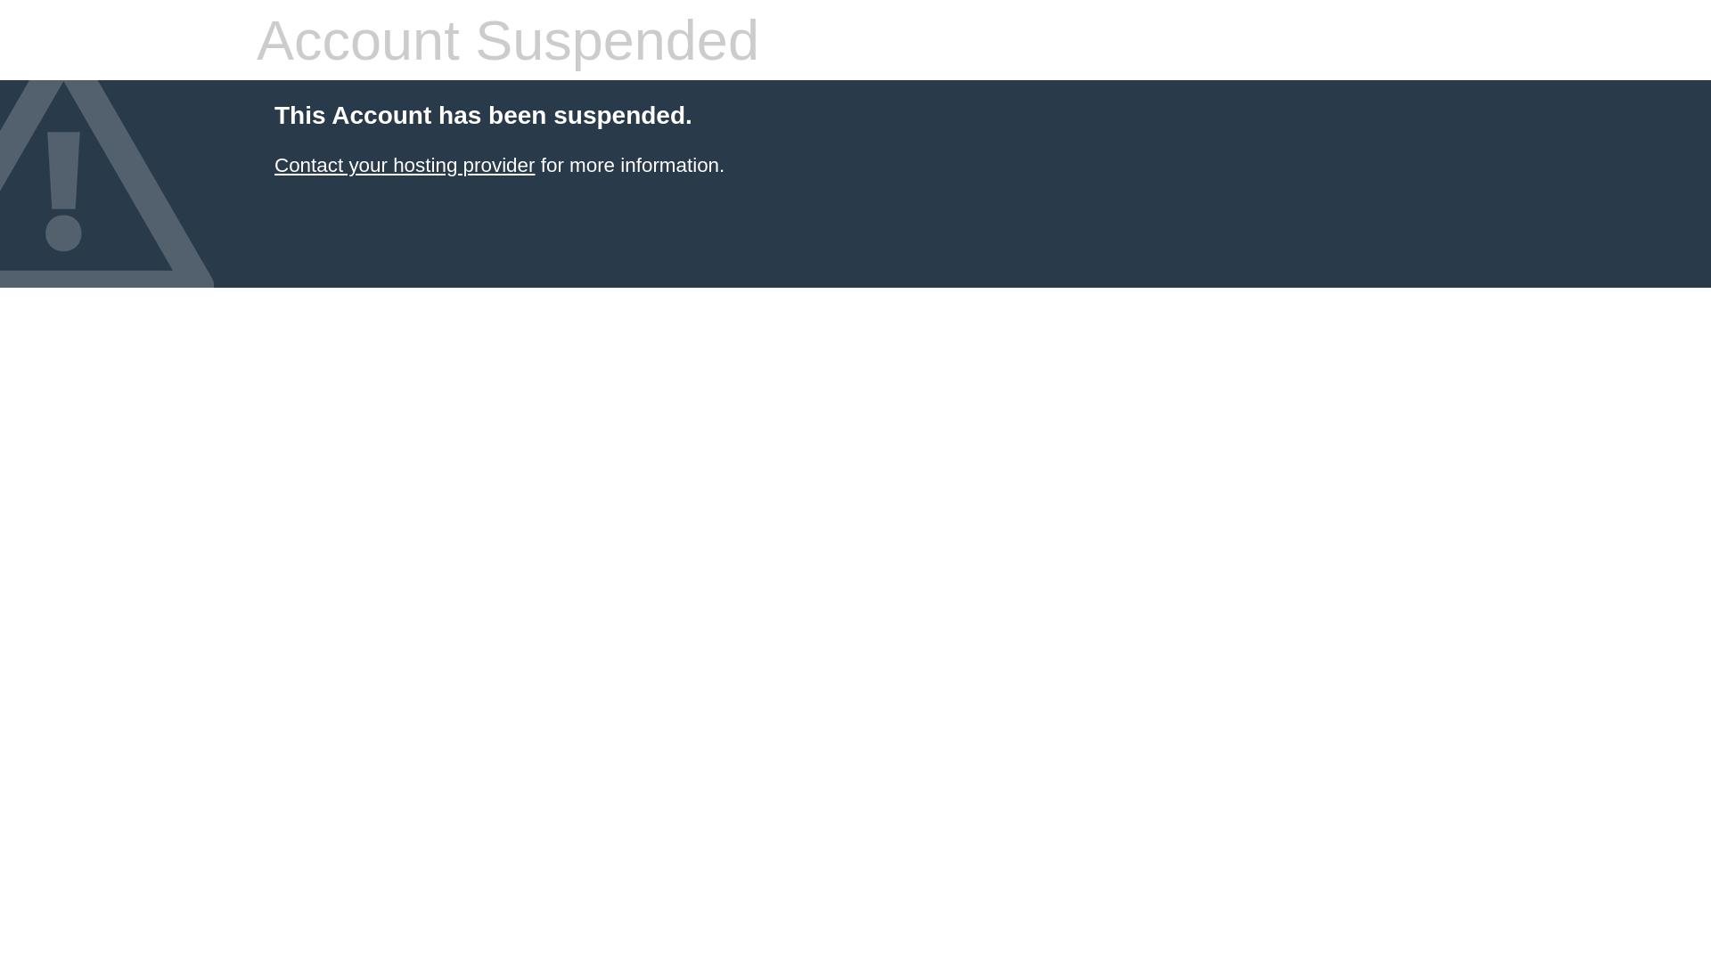 The image size is (1711, 962). Describe the element at coordinates (404, 165) in the screenshot. I see `'Contact your hosting provider'` at that location.